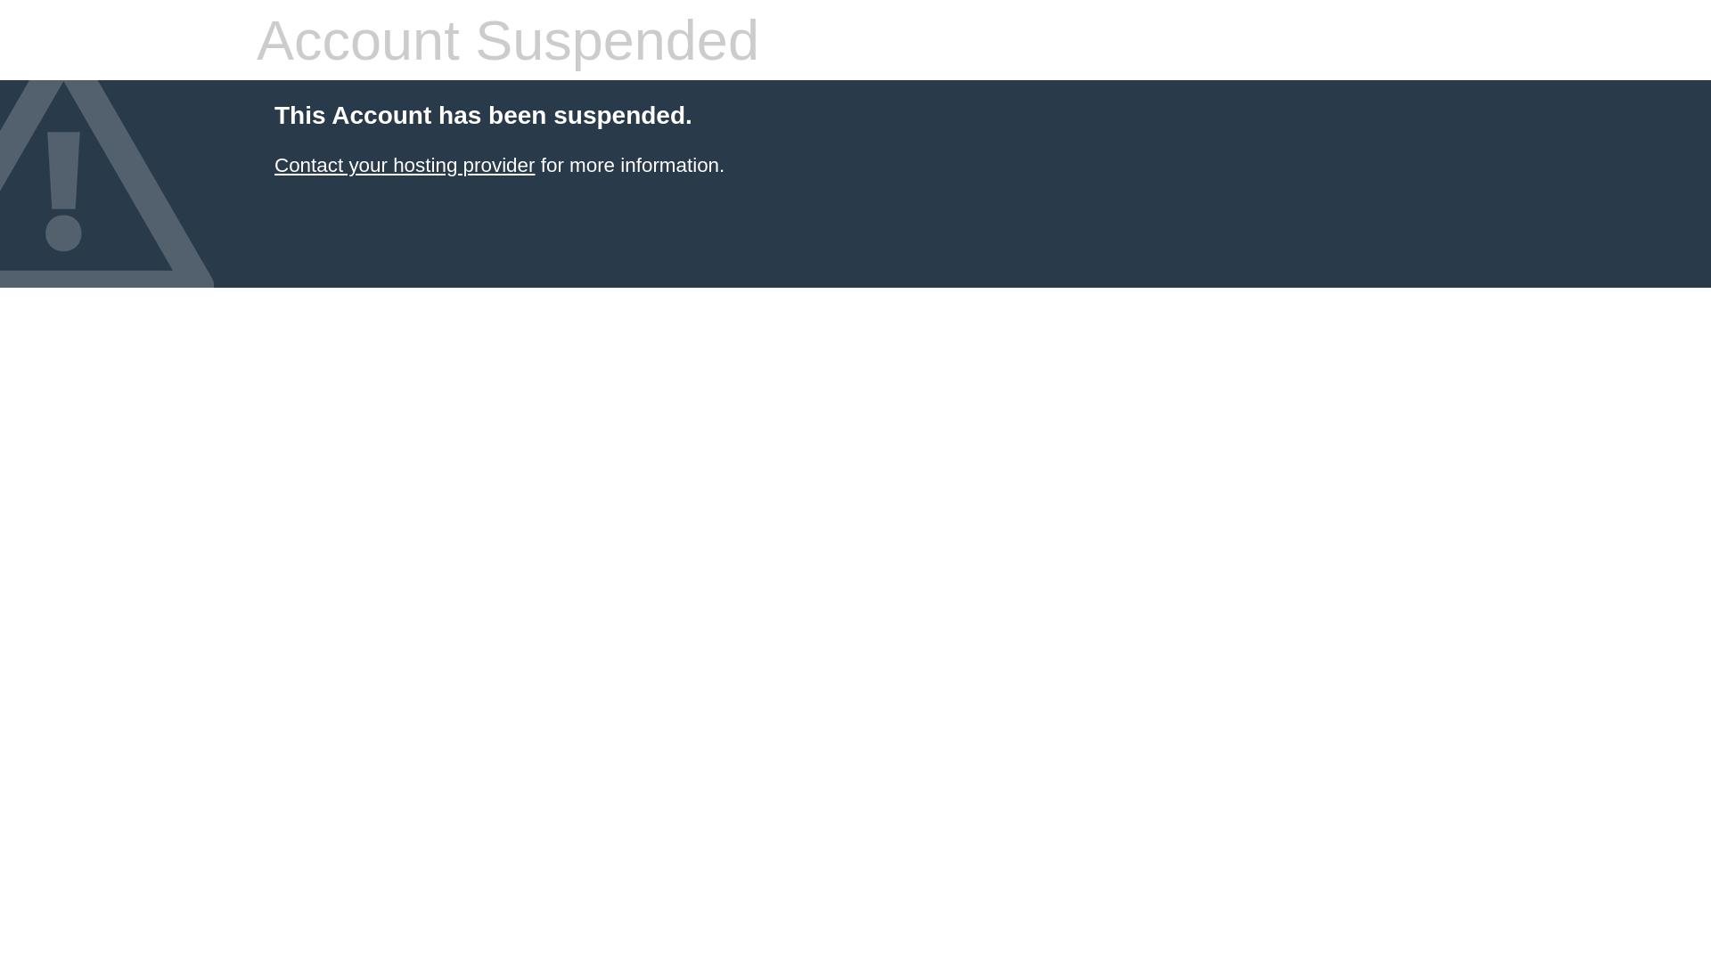 The image size is (1711, 962). Describe the element at coordinates (404, 165) in the screenshot. I see `'Contact your hosting provider'` at that location.